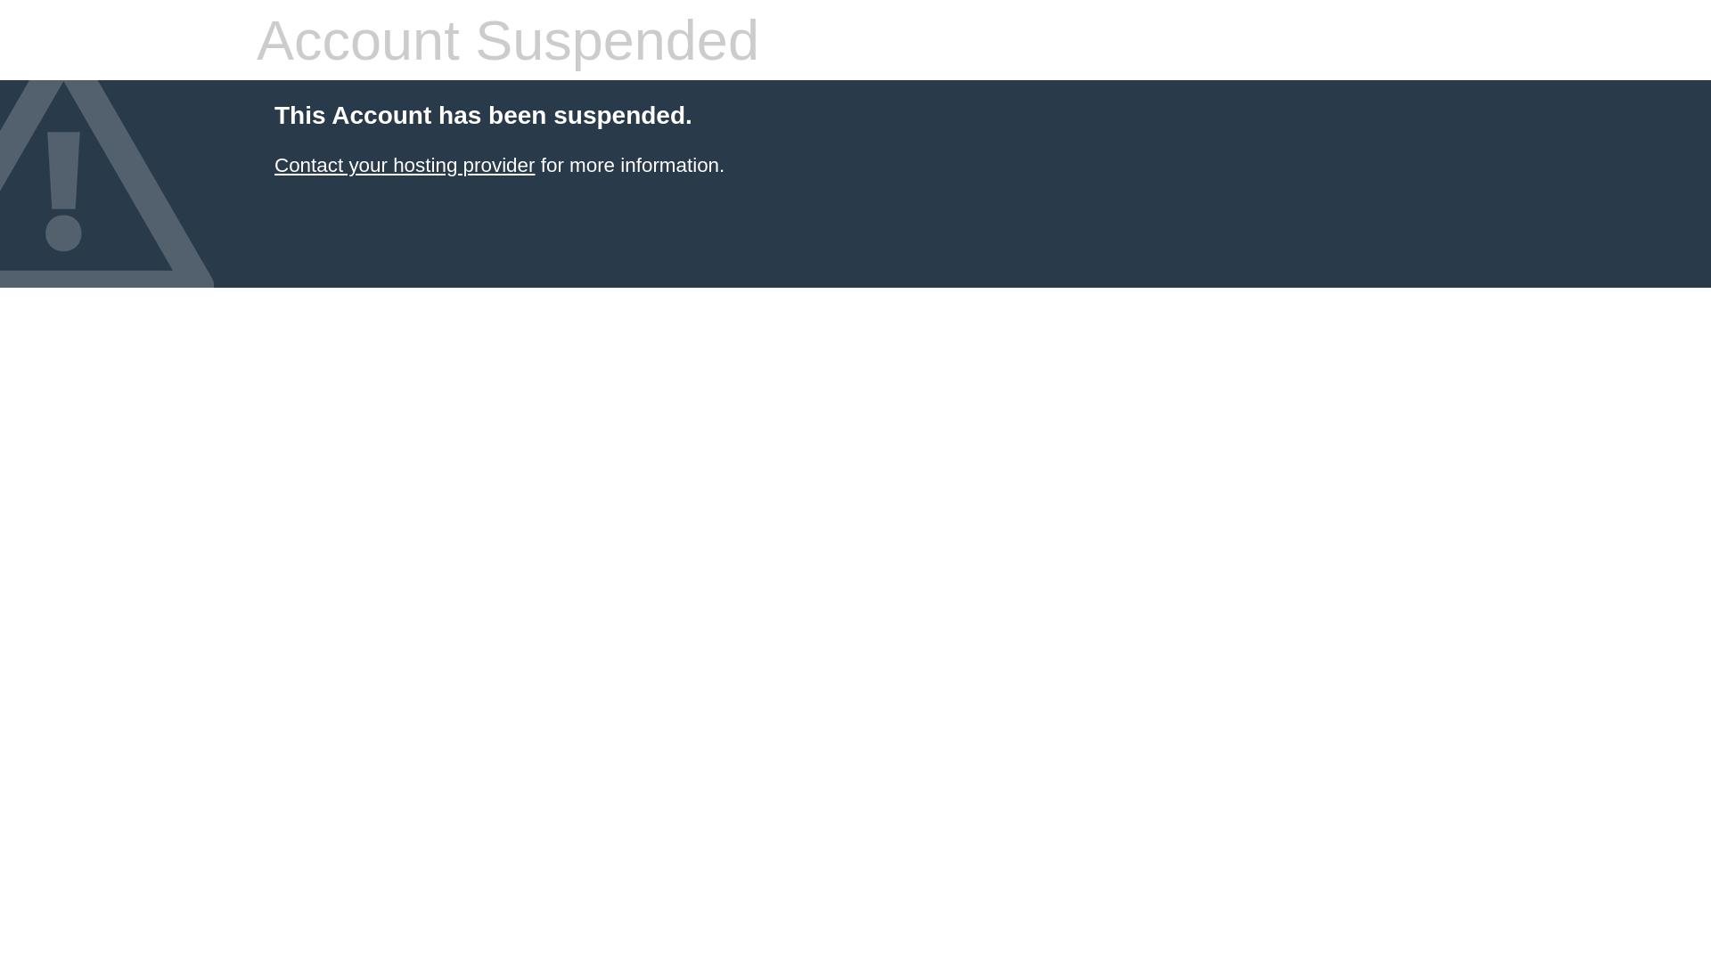 The image size is (1711, 962). Describe the element at coordinates (404, 165) in the screenshot. I see `'Contact your hosting provider'` at that location.